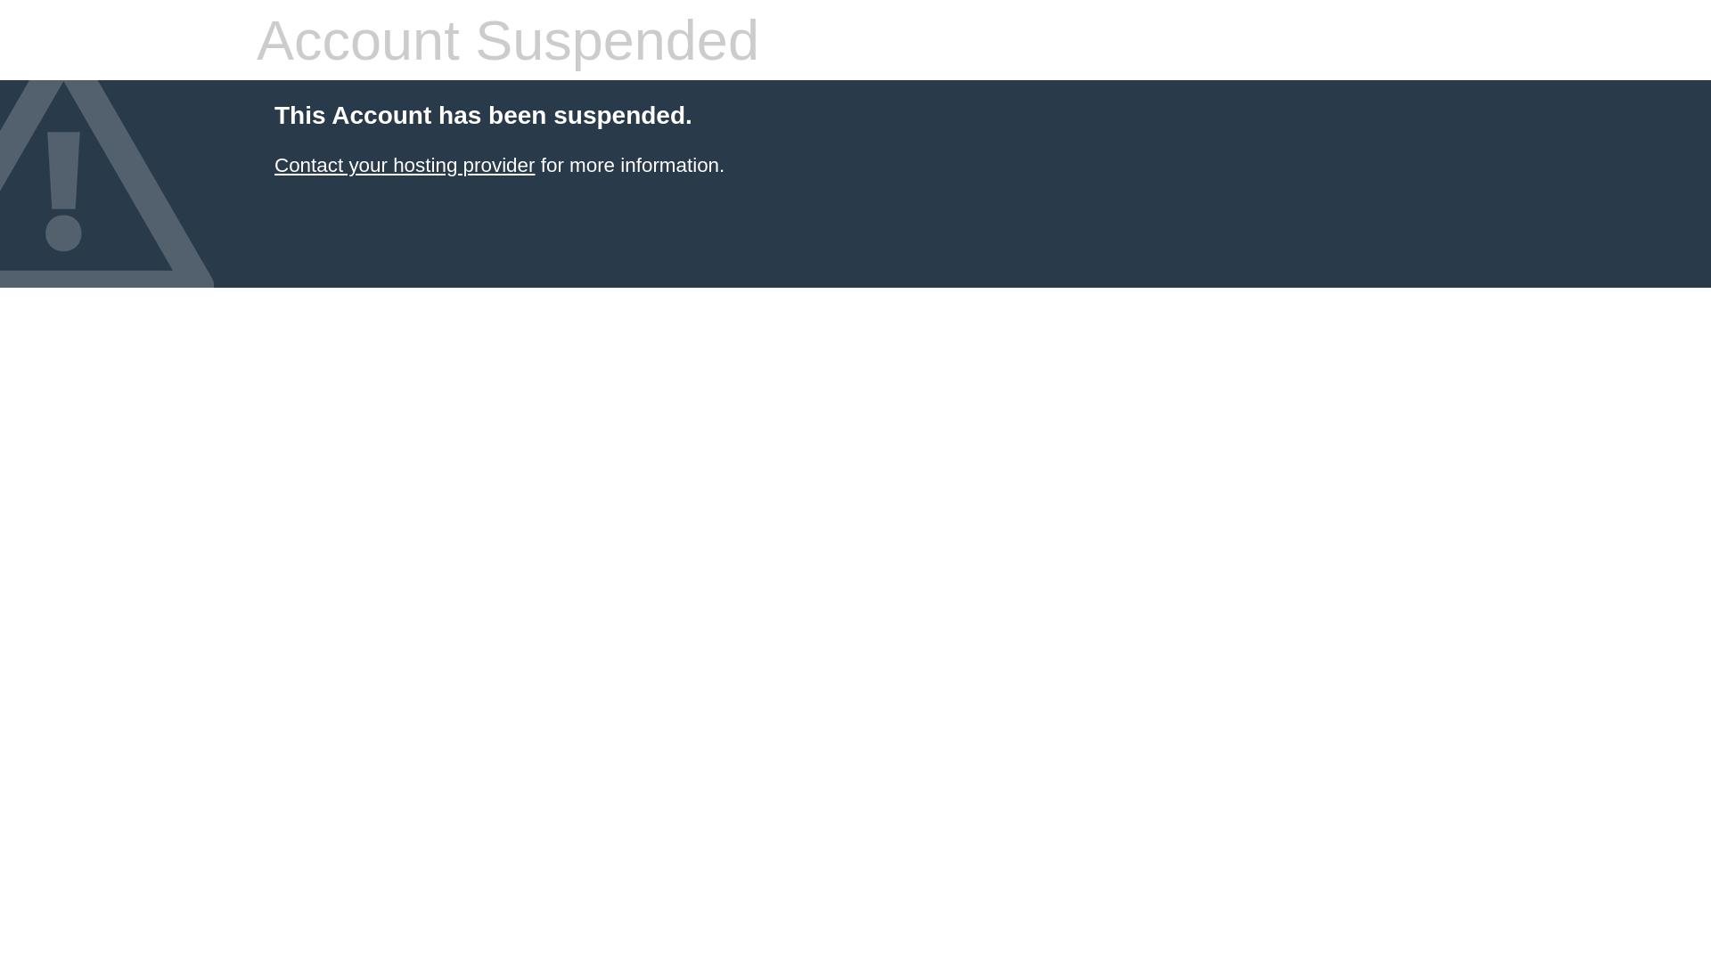 The image size is (1711, 962). Describe the element at coordinates (404, 165) in the screenshot. I see `'Contact your hosting provider'` at that location.